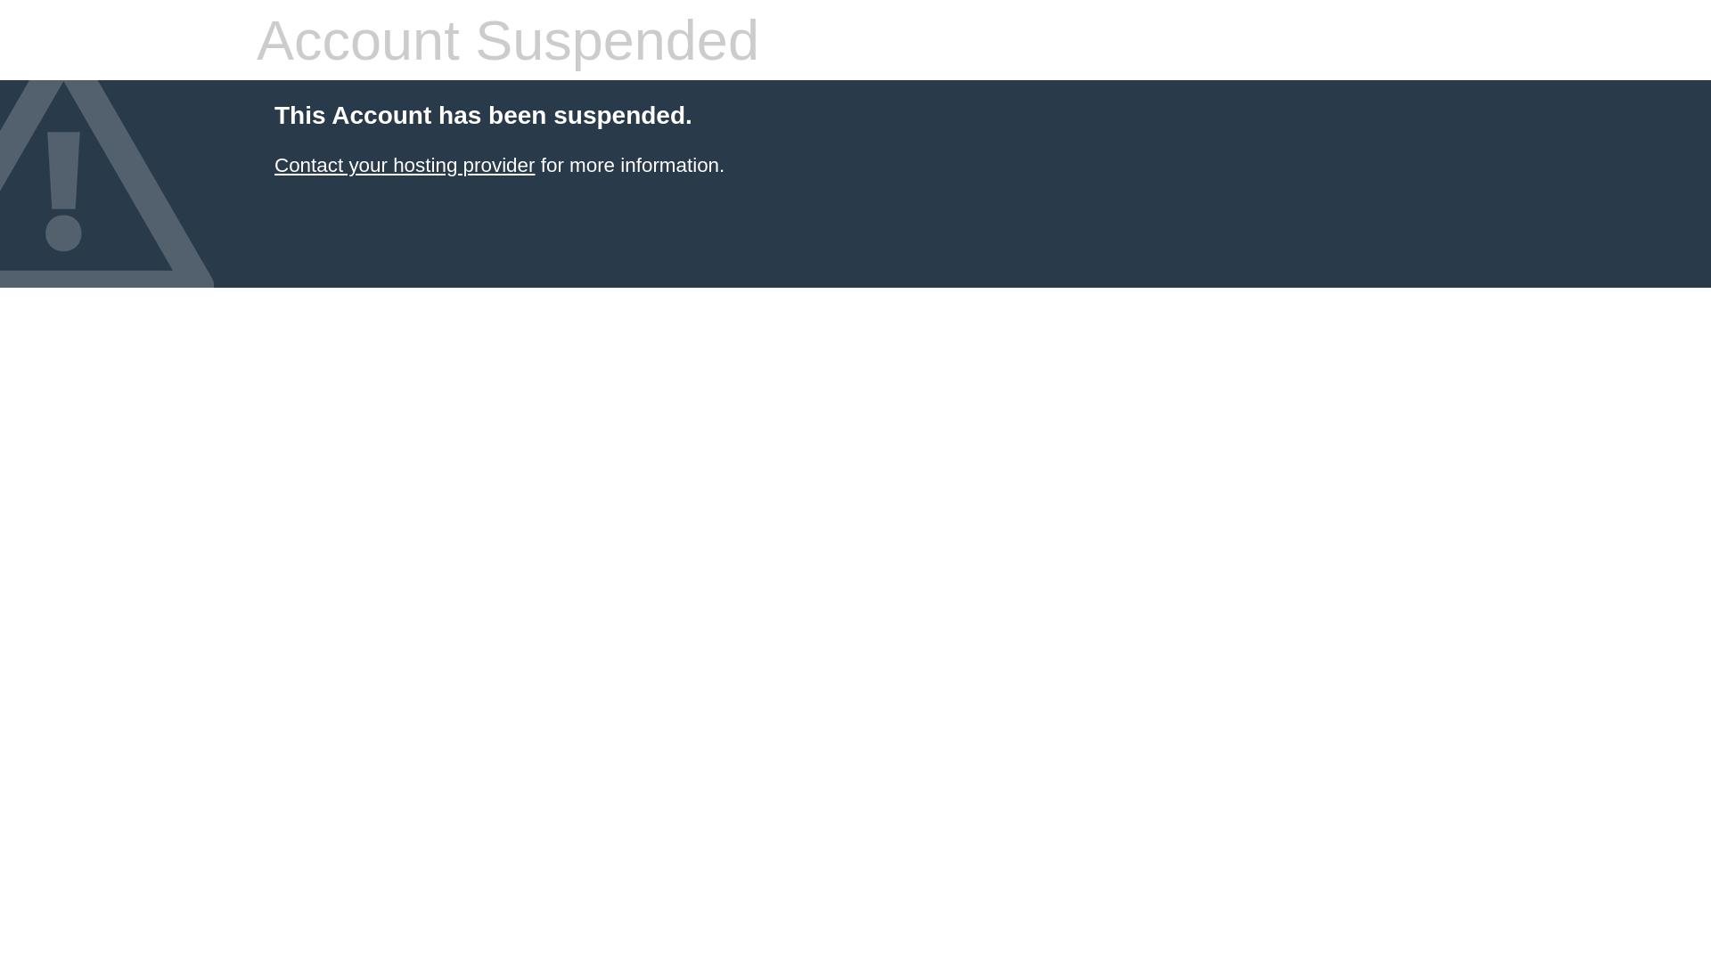 The image size is (1711, 962). Describe the element at coordinates (404, 165) in the screenshot. I see `'Contact your hosting provider'` at that location.